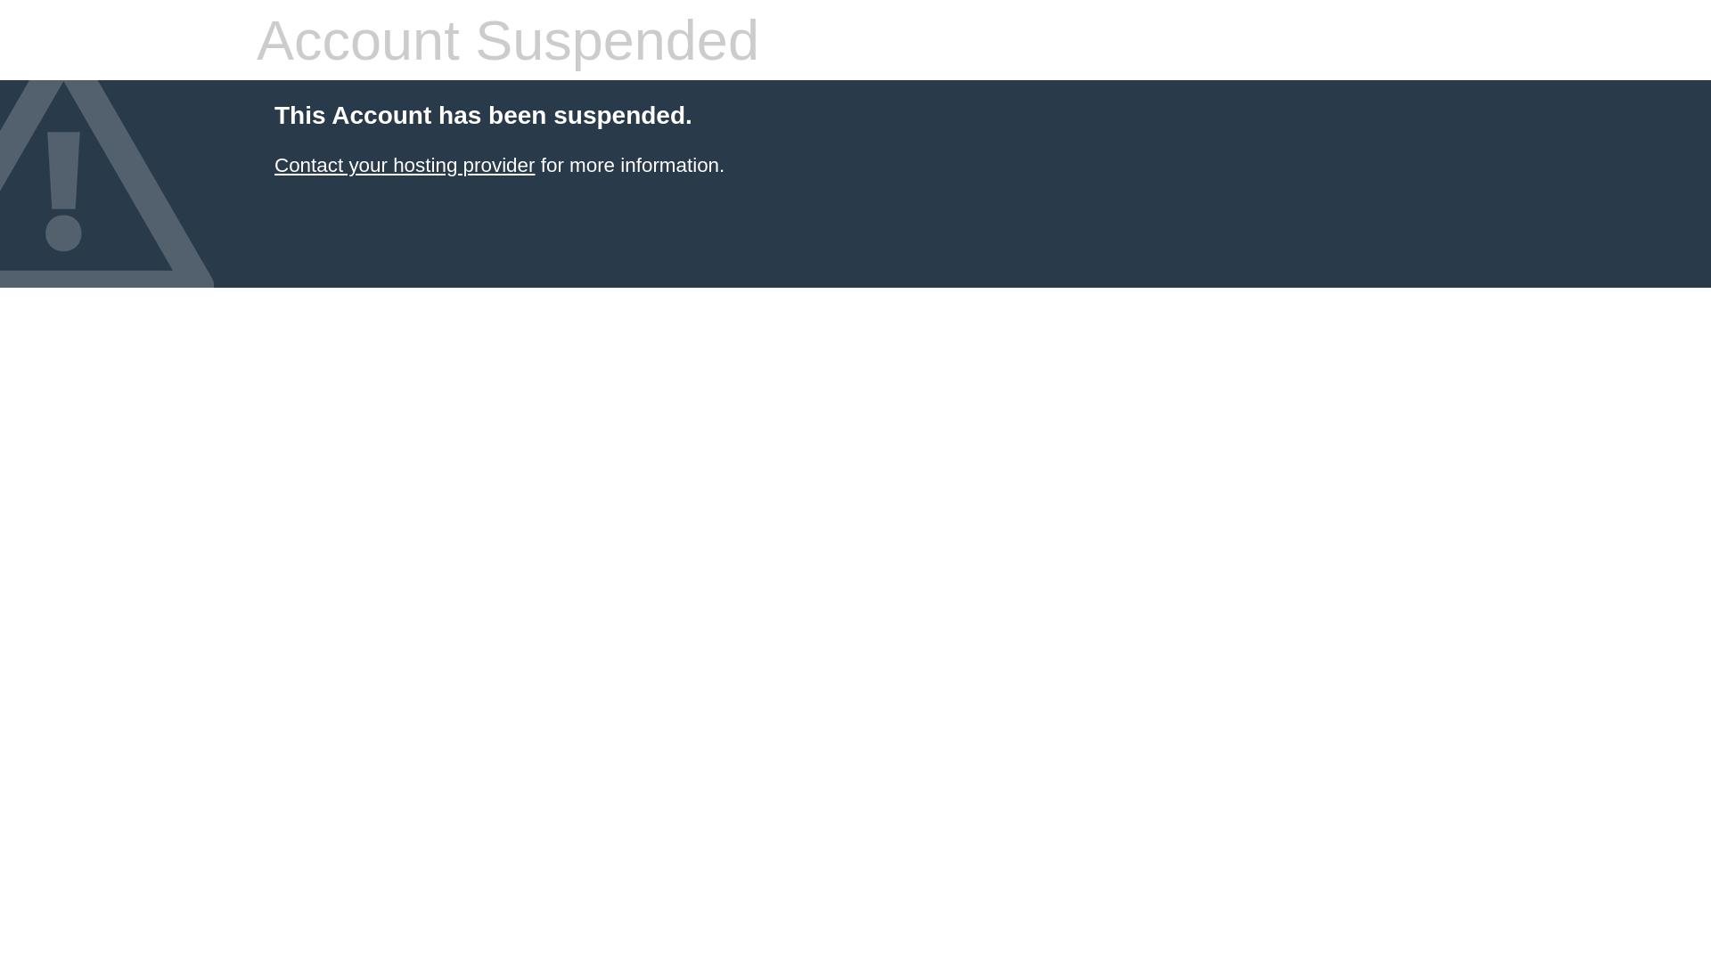 The image size is (1711, 962). Describe the element at coordinates (404, 165) in the screenshot. I see `'Contact your hosting provider'` at that location.